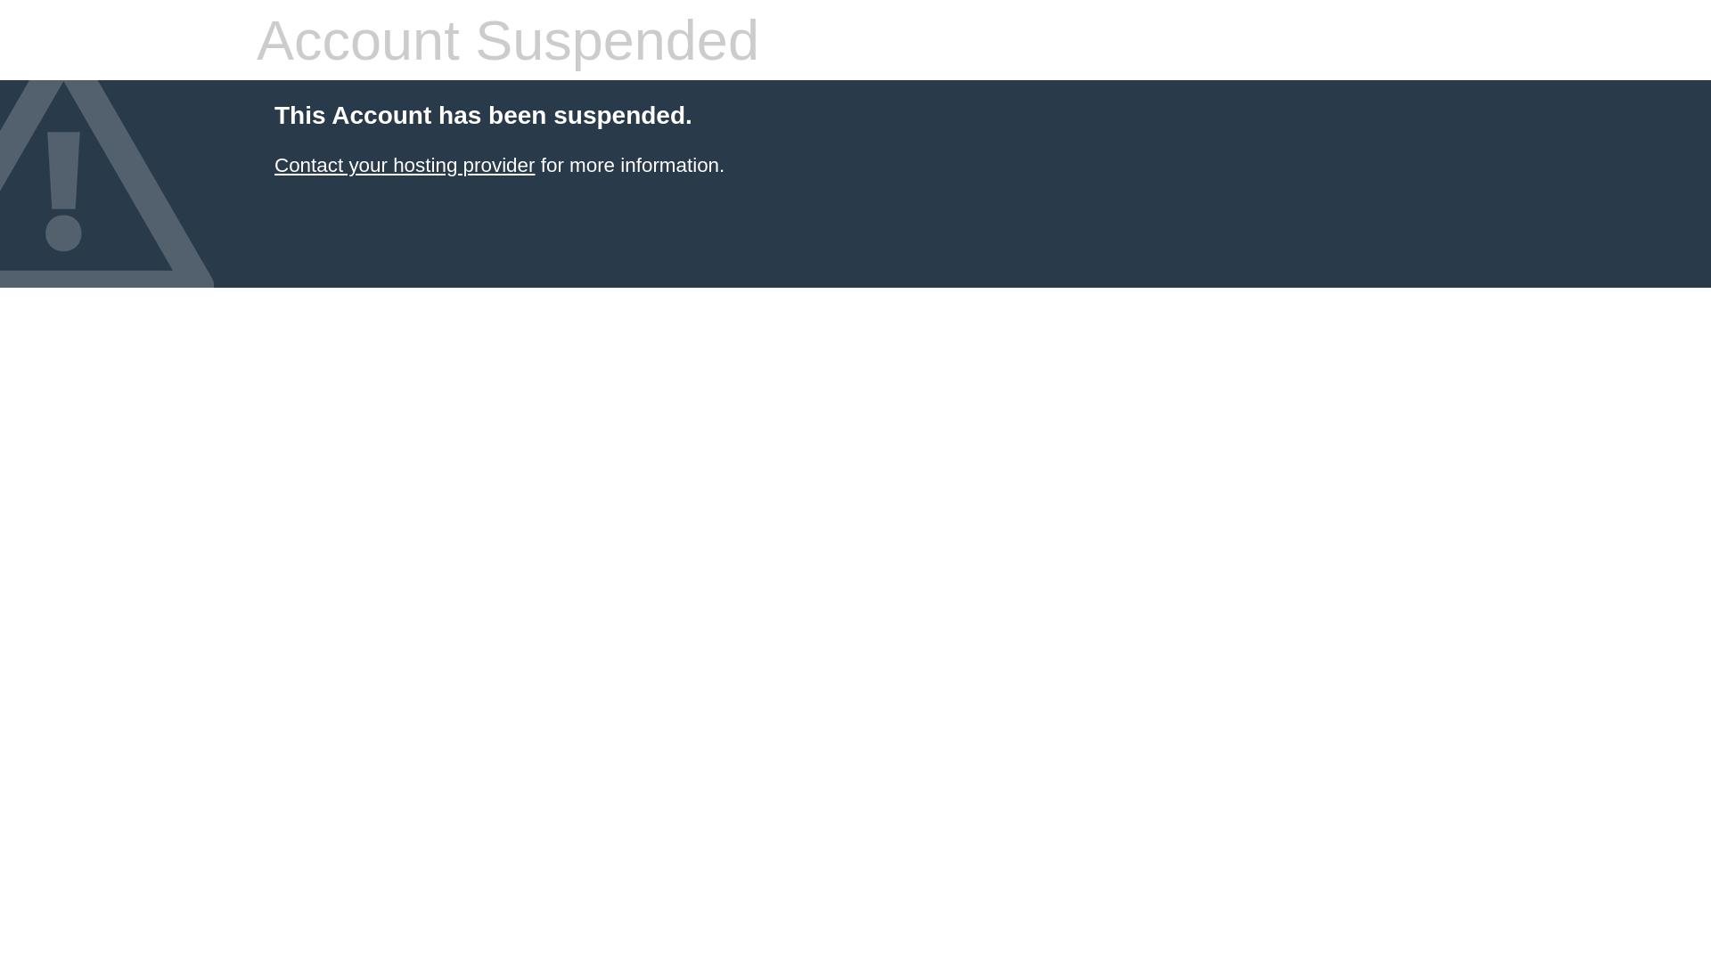 The image size is (1711, 962). Describe the element at coordinates (404, 165) in the screenshot. I see `'Contact your hosting provider'` at that location.